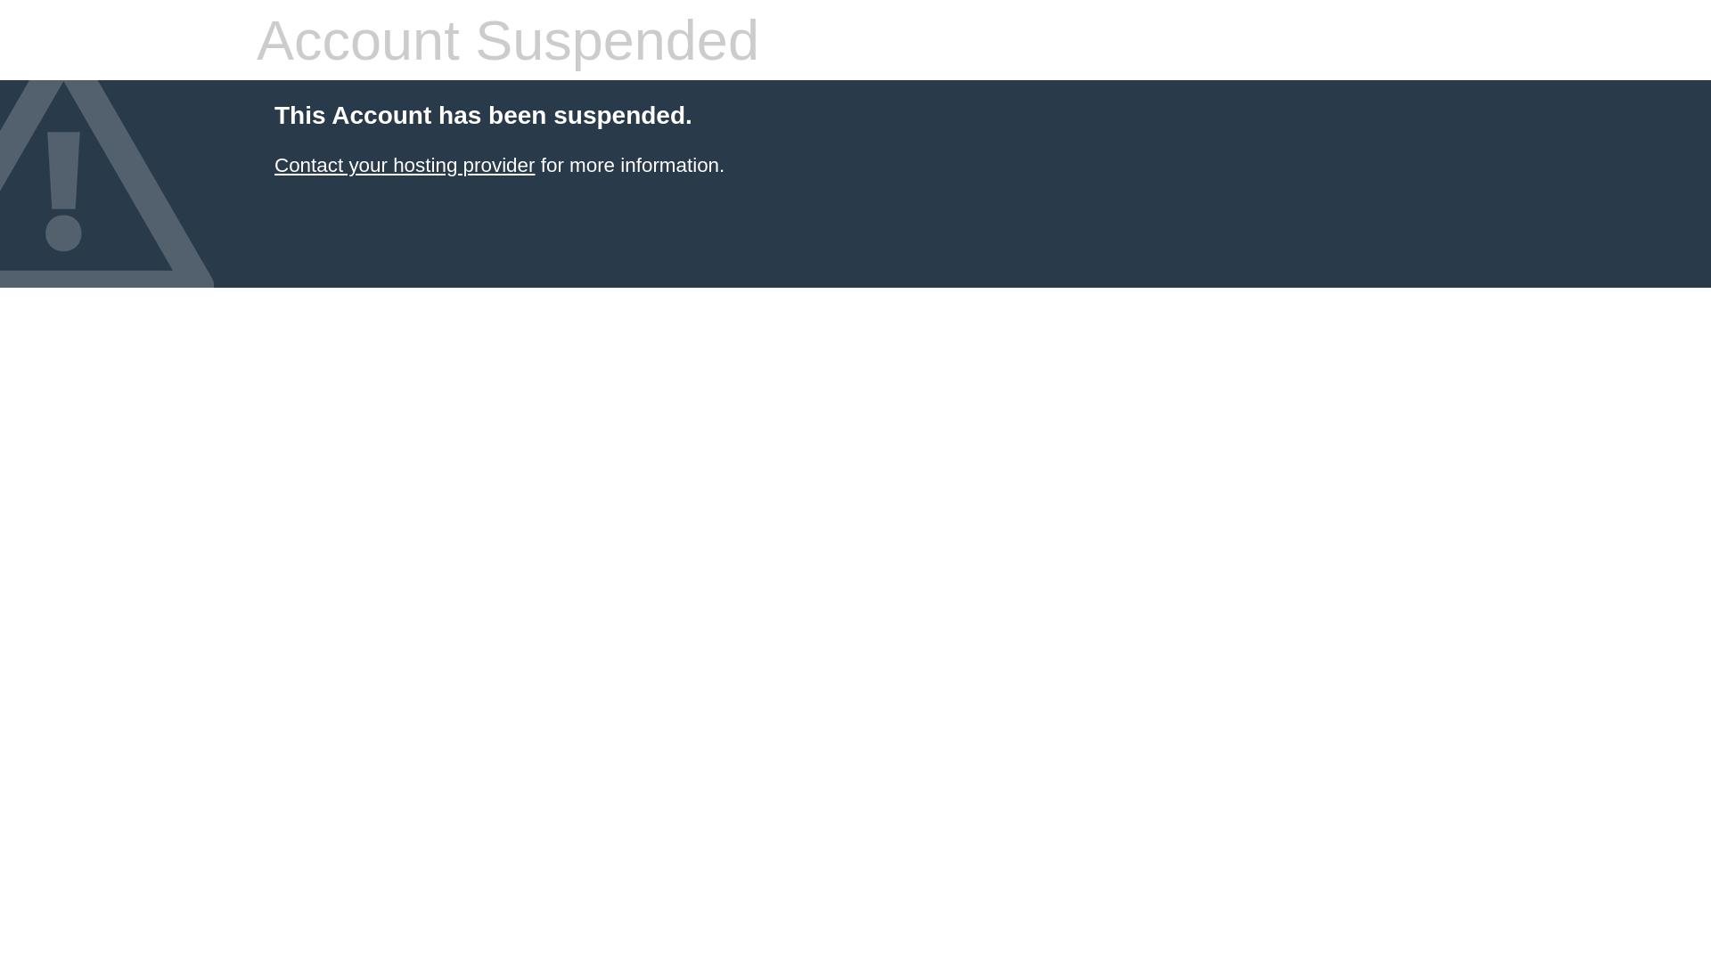 The image size is (1711, 962). Describe the element at coordinates (404, 165) in the screenshot. I see `'Contact your hosting provider'` at that location.